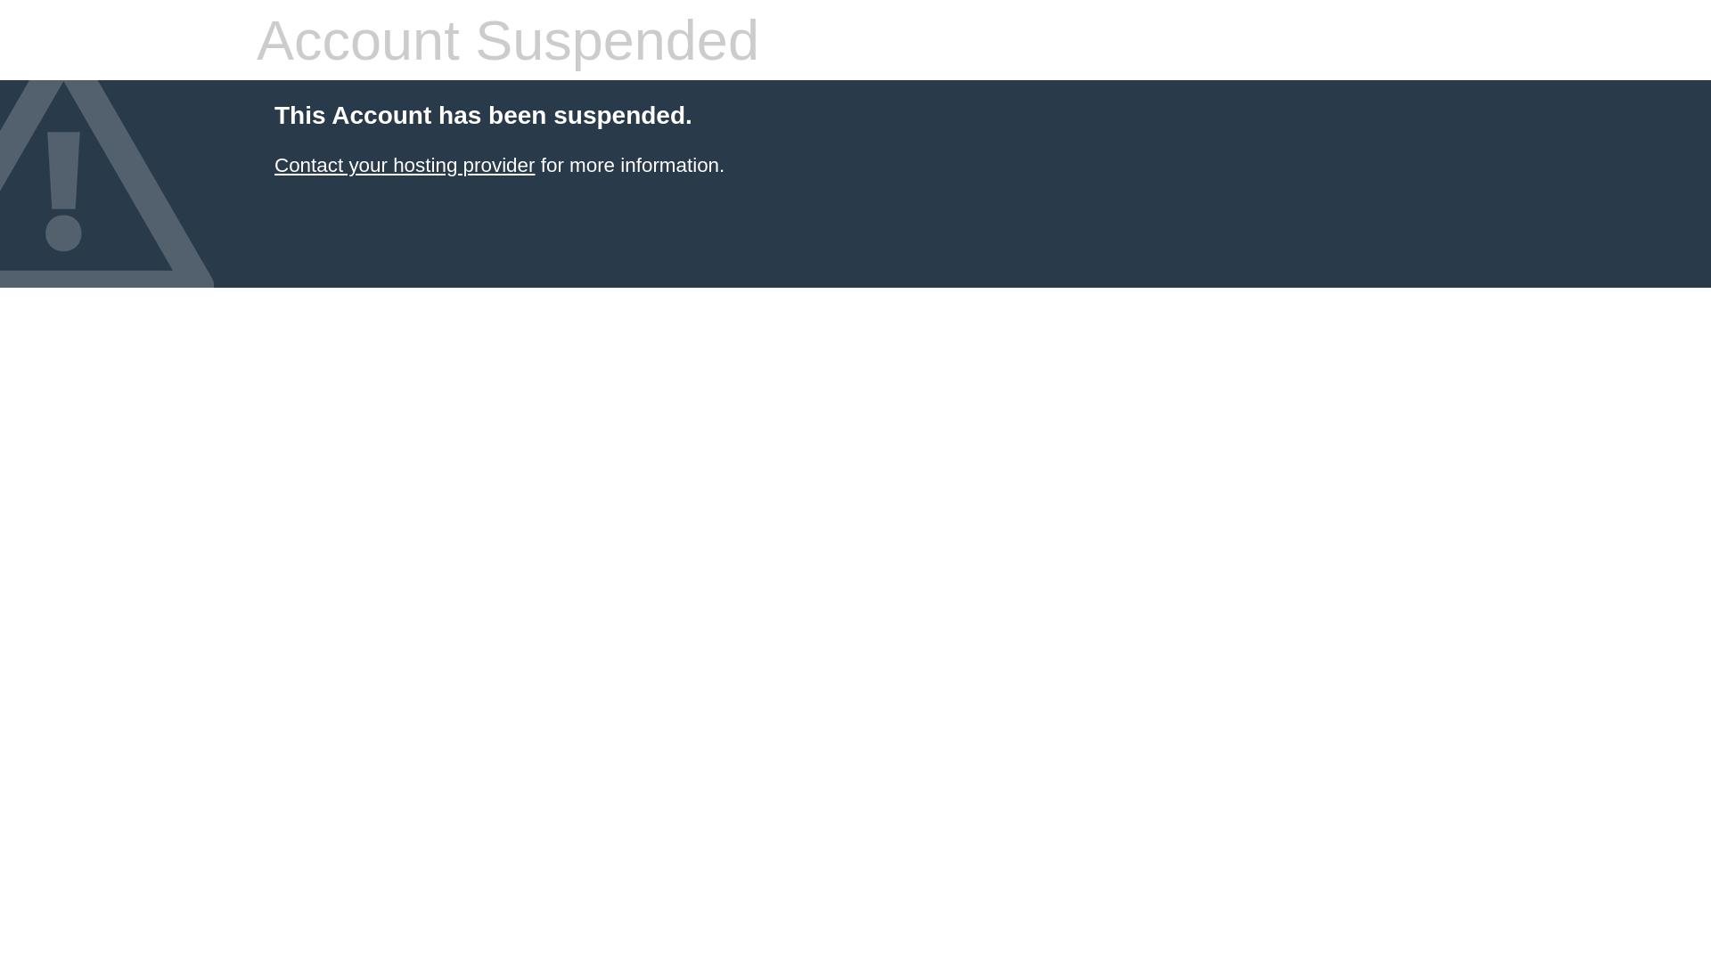 The image size is (1711, 962). Describe the element at coordinates (404, 165) in the screenshot. I see `'Contact your hosting provider'` at that location.